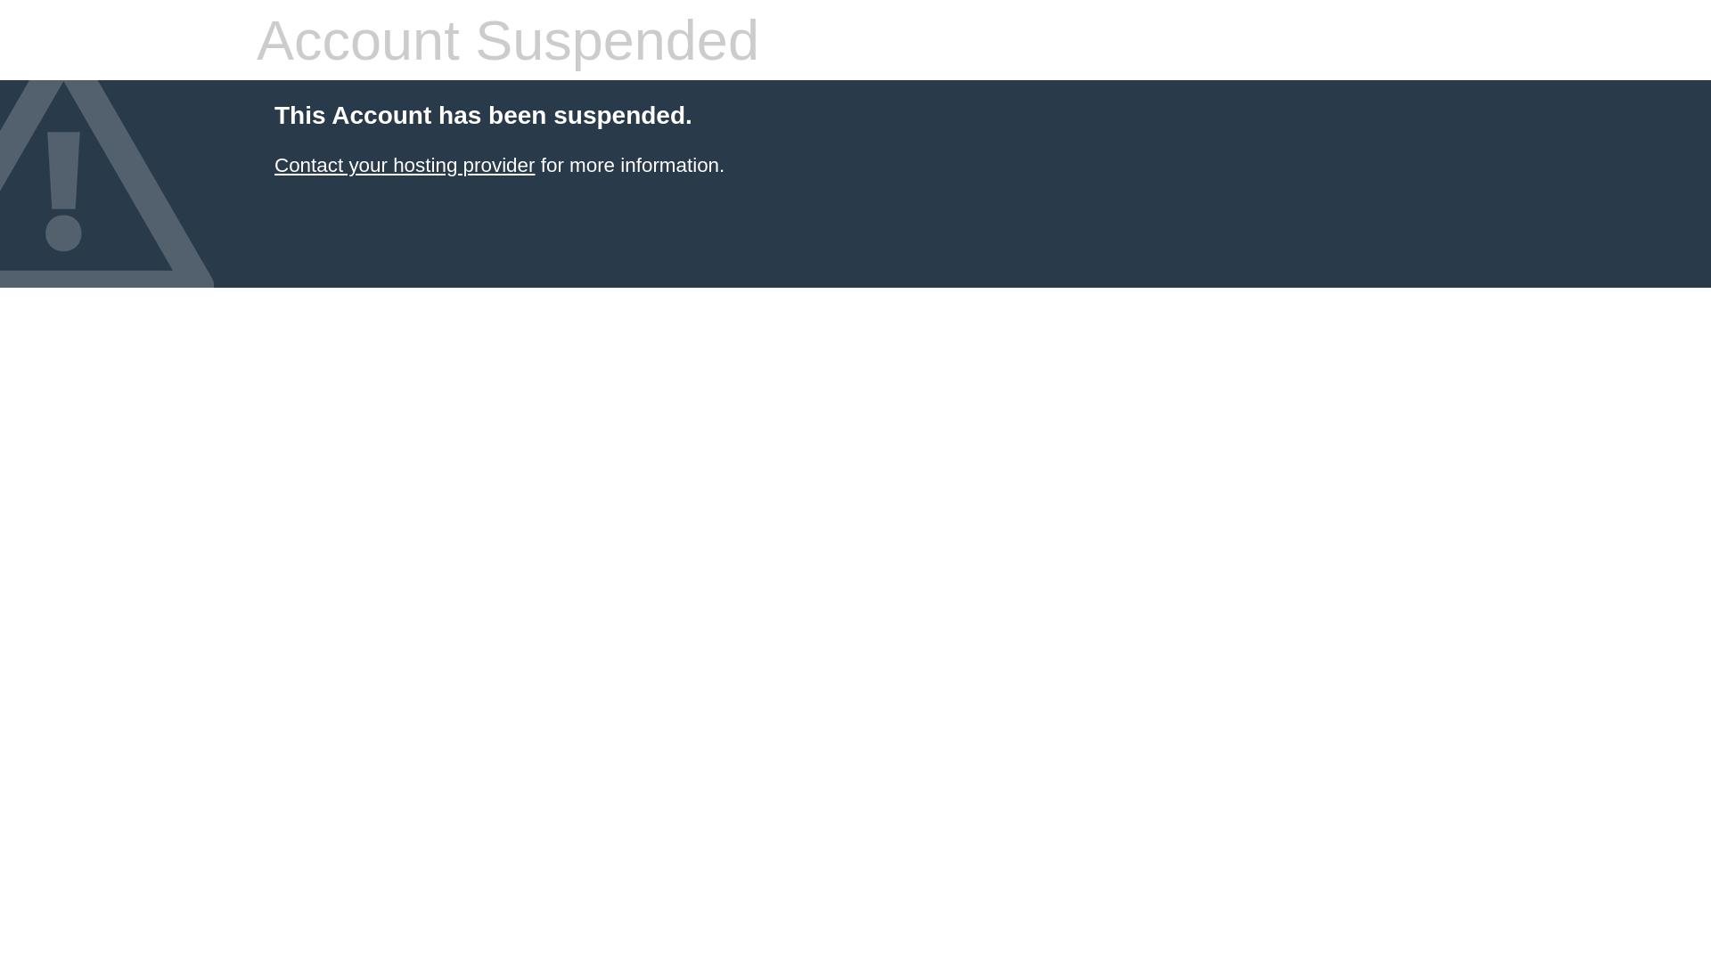 The image size is (1711, 962). Describe the element at coordinates (404, 165) in the screenshot. I see `'Contact your hosting provider'` at that location.